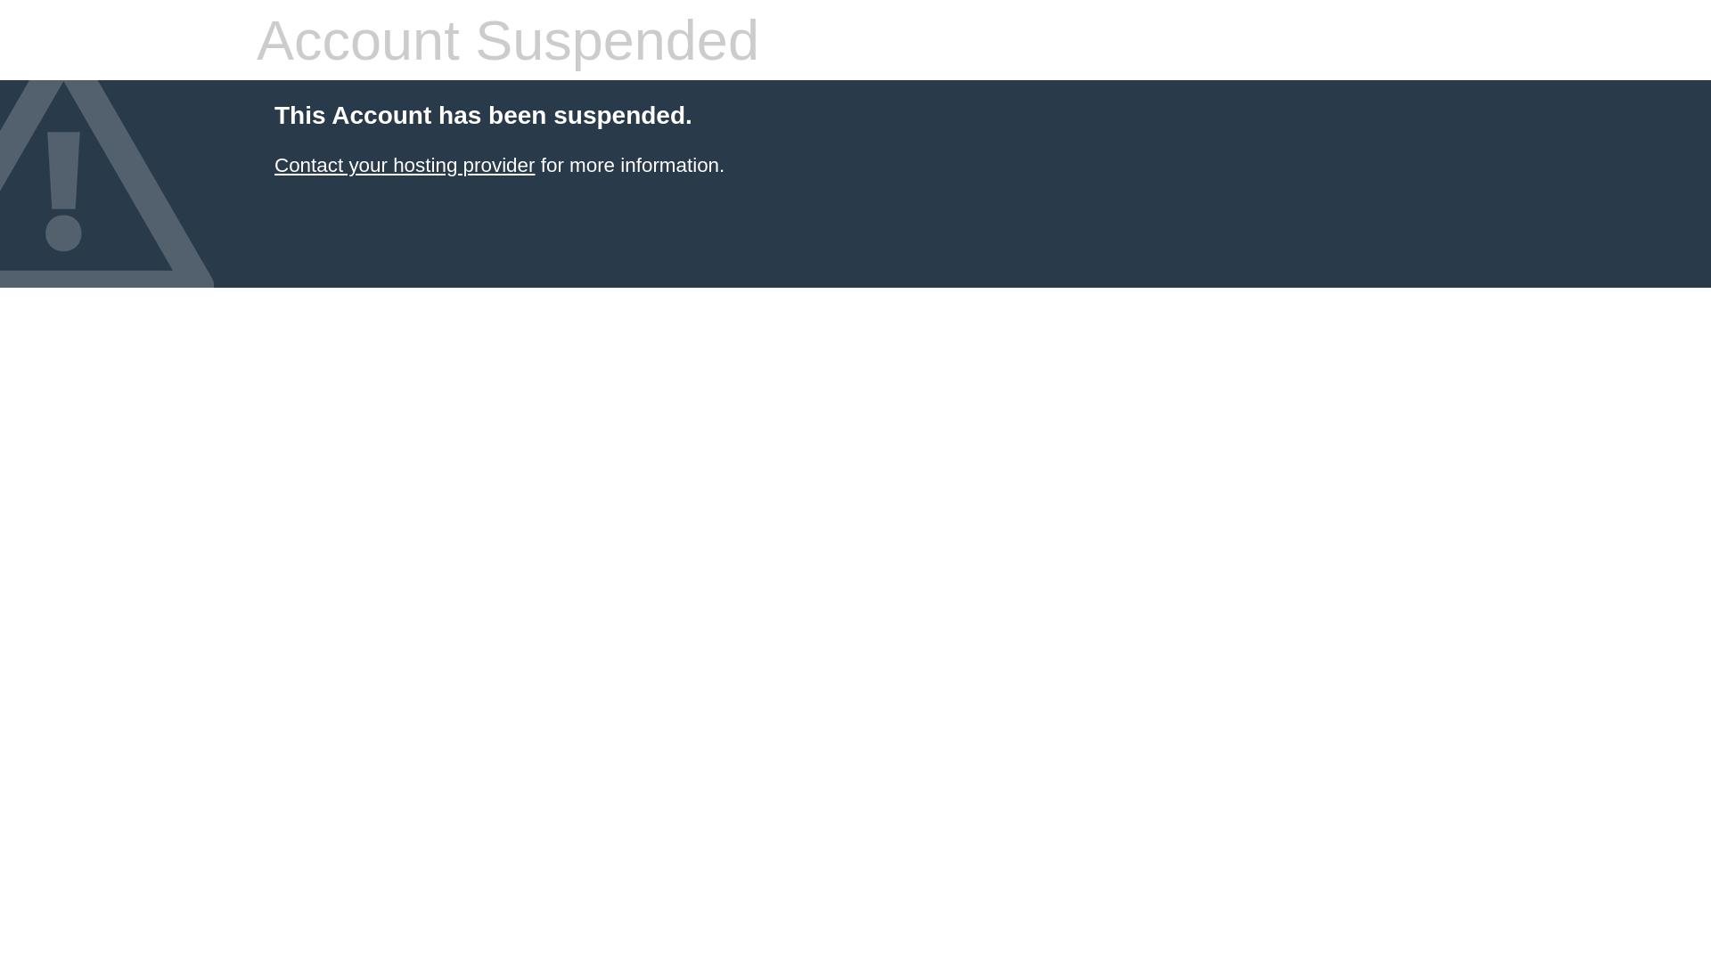 The image size is (1711, 962). Describe the element at coordinates (404, 165) in the screenshot. I see `'Contact your hosting provider'` at that location.